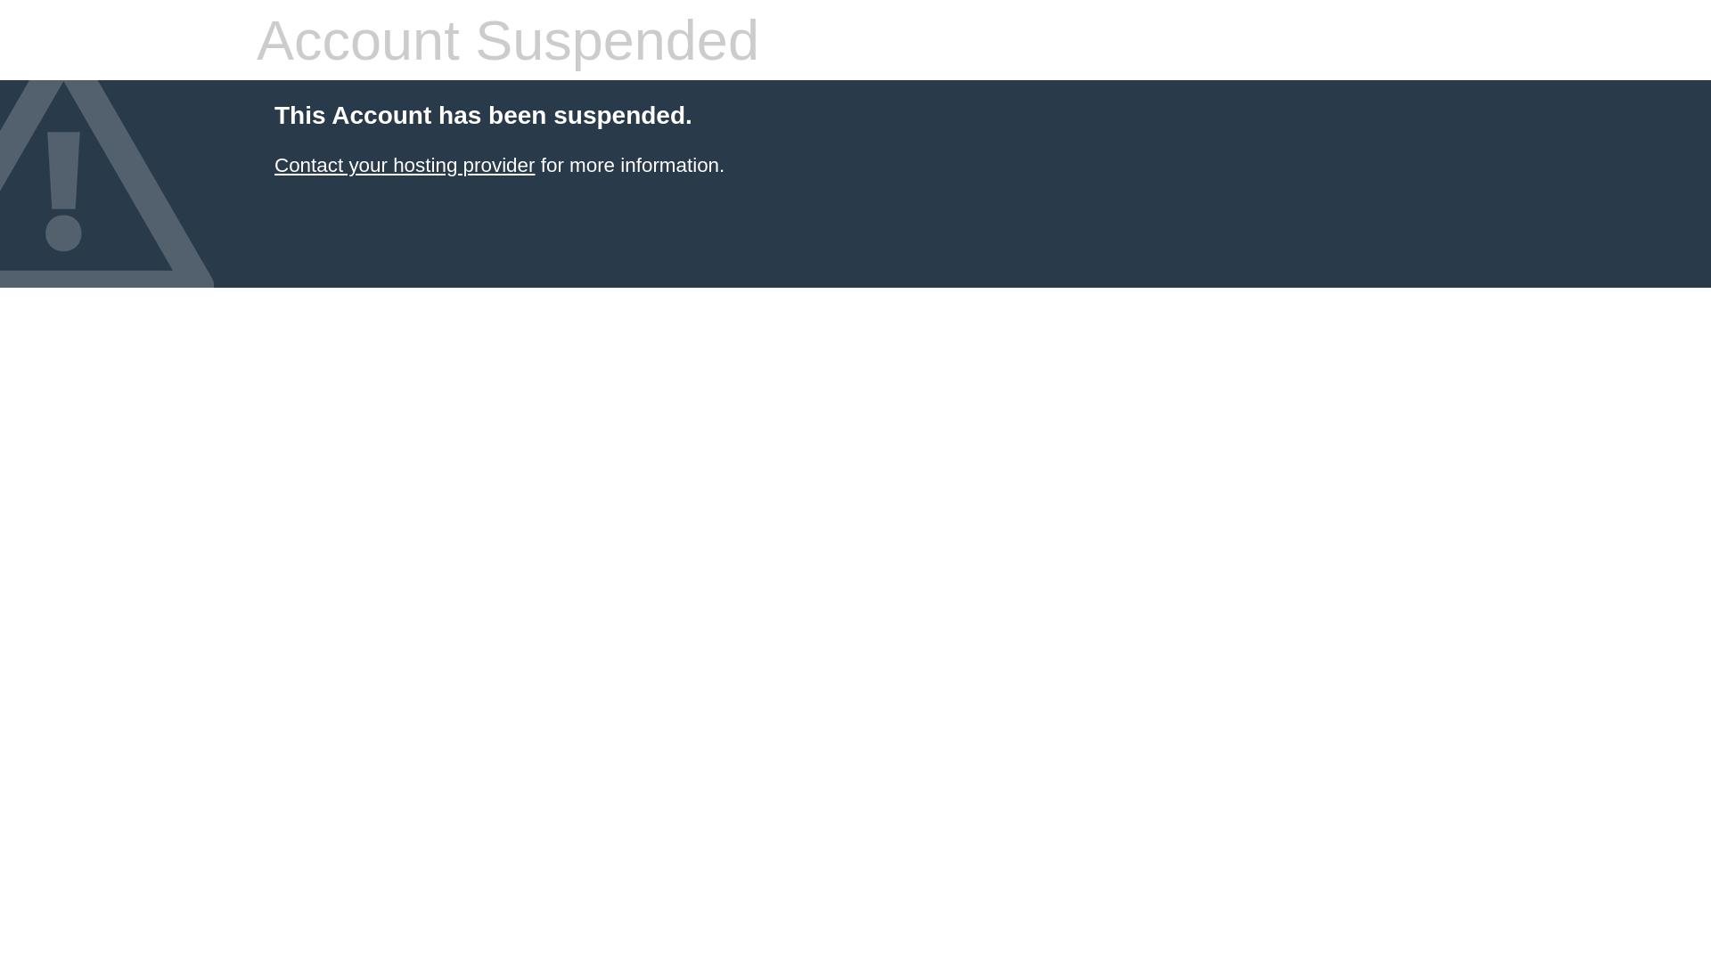 The image size is (1711, 962). Describe the element at coordinates (404, 165) in the screenshot. I see `'Contact your hosting provider'` at that location.